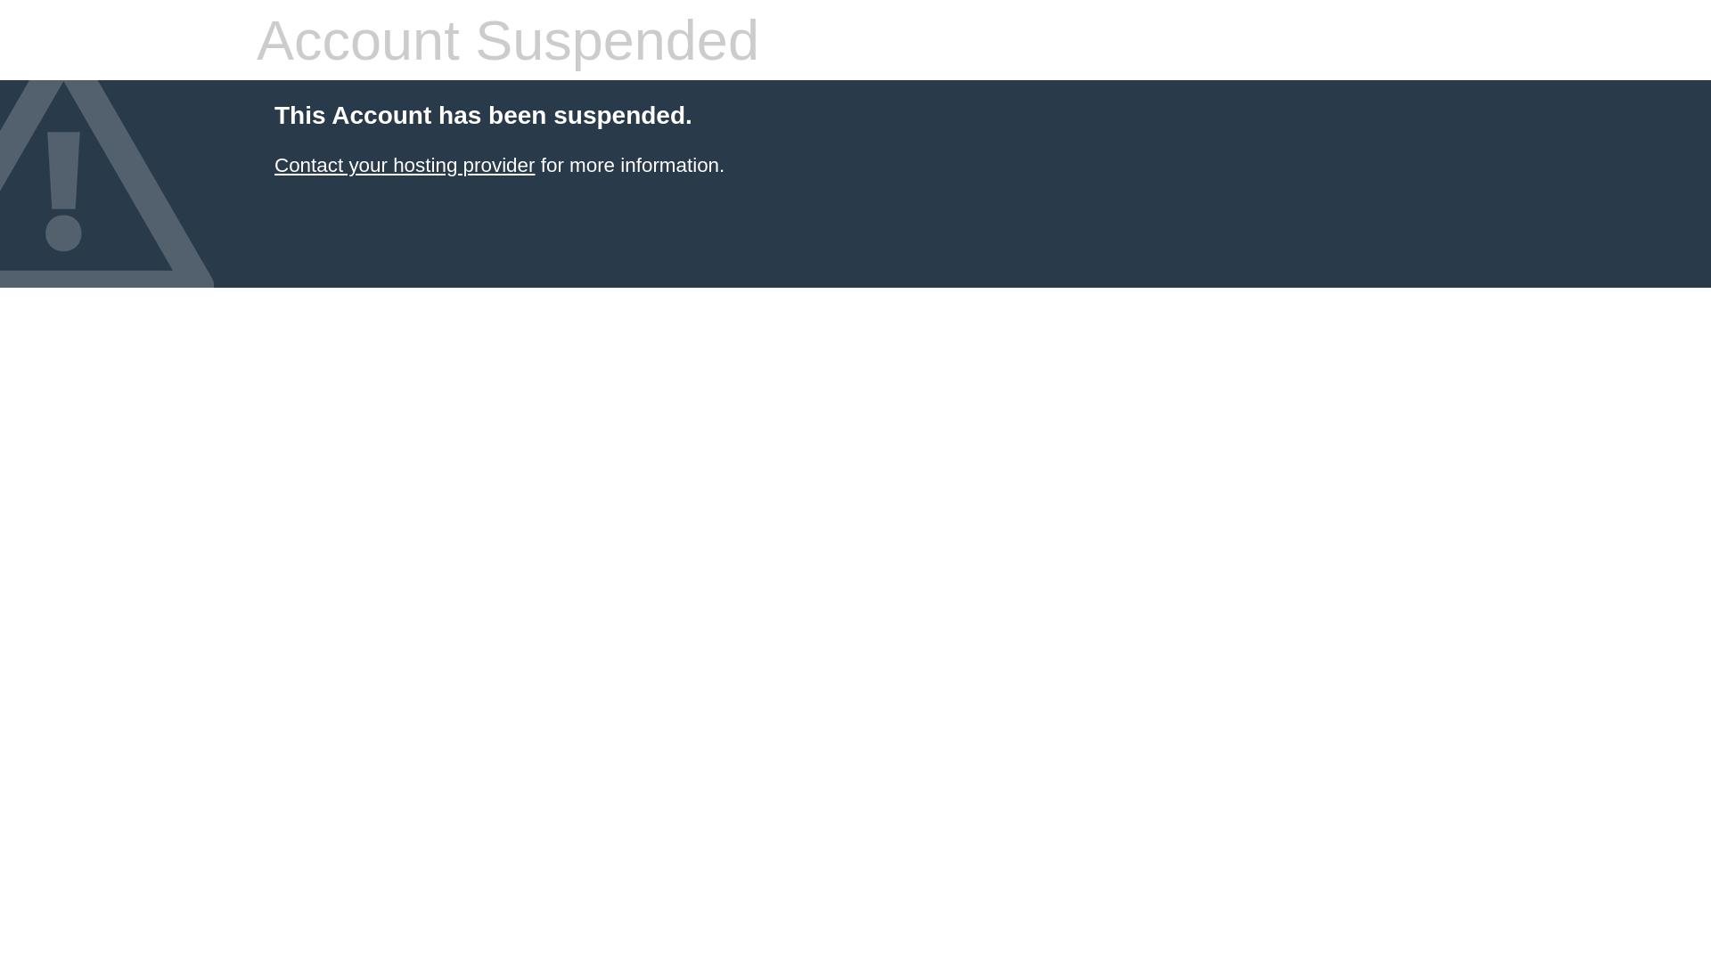 The image size is (1711, 962). Describe the element at coordinates (404, 165) in the screenshot. I see `'Contact your hosting provider'` at that location.